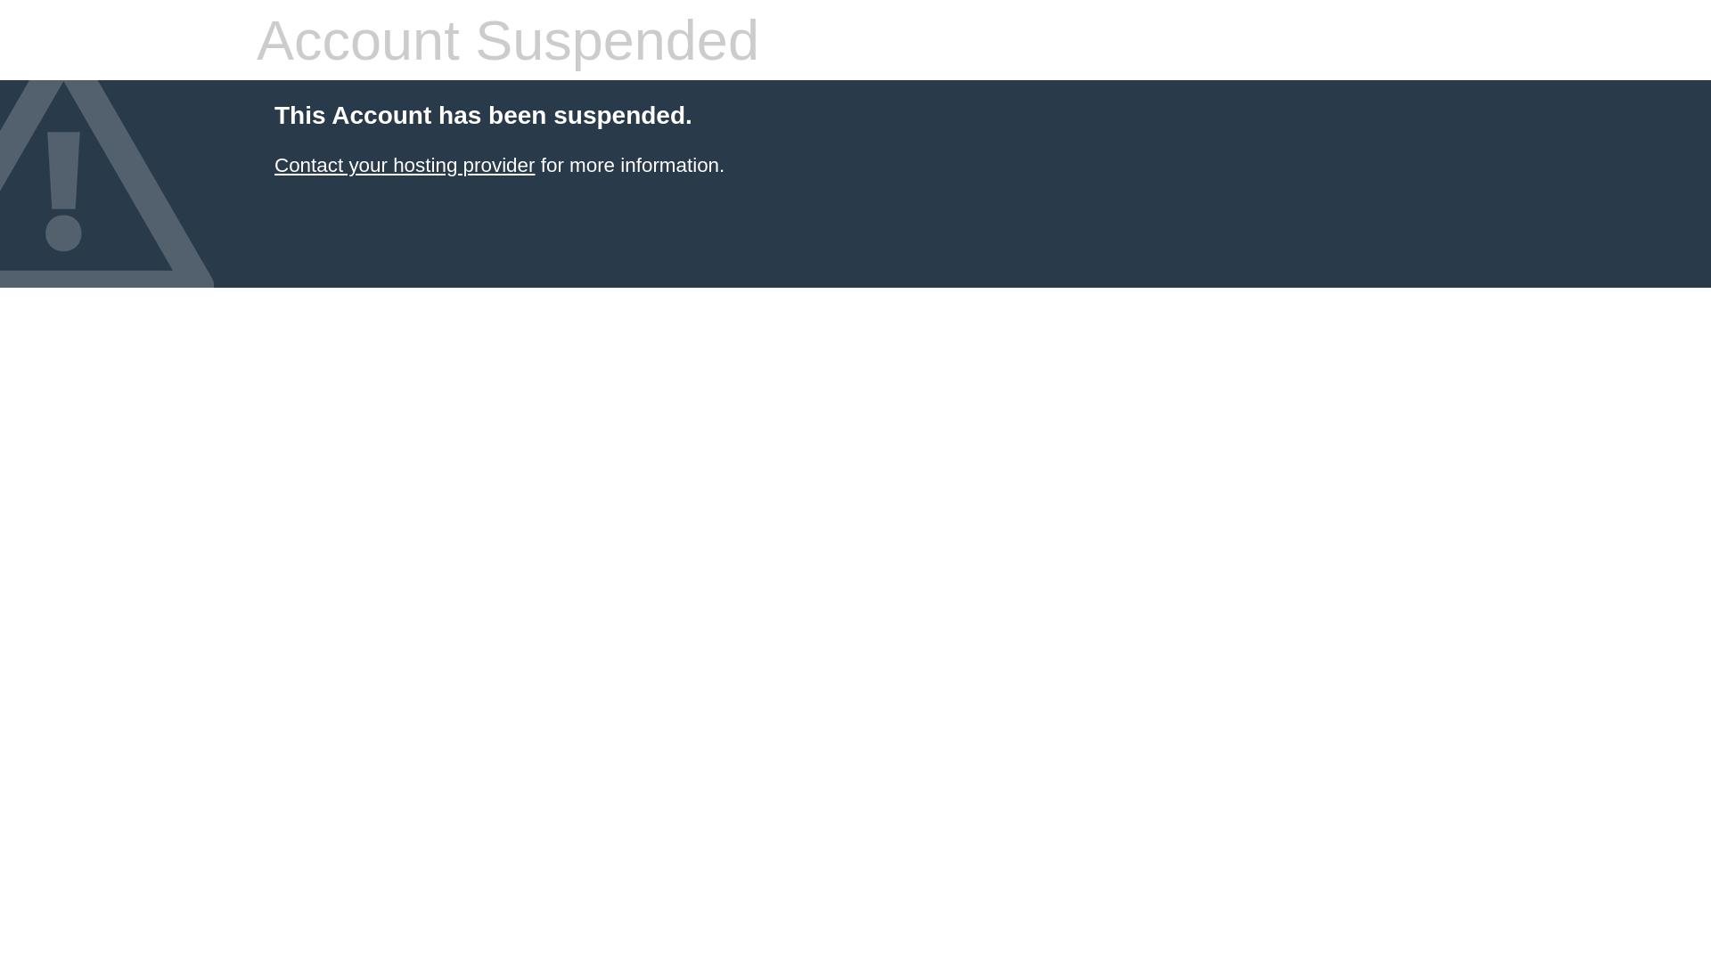 The image size is (1711, 962). Describe the element at coordinates (404, 165) in the screenshot. I see `'Contact your hosting provider'` at that location.